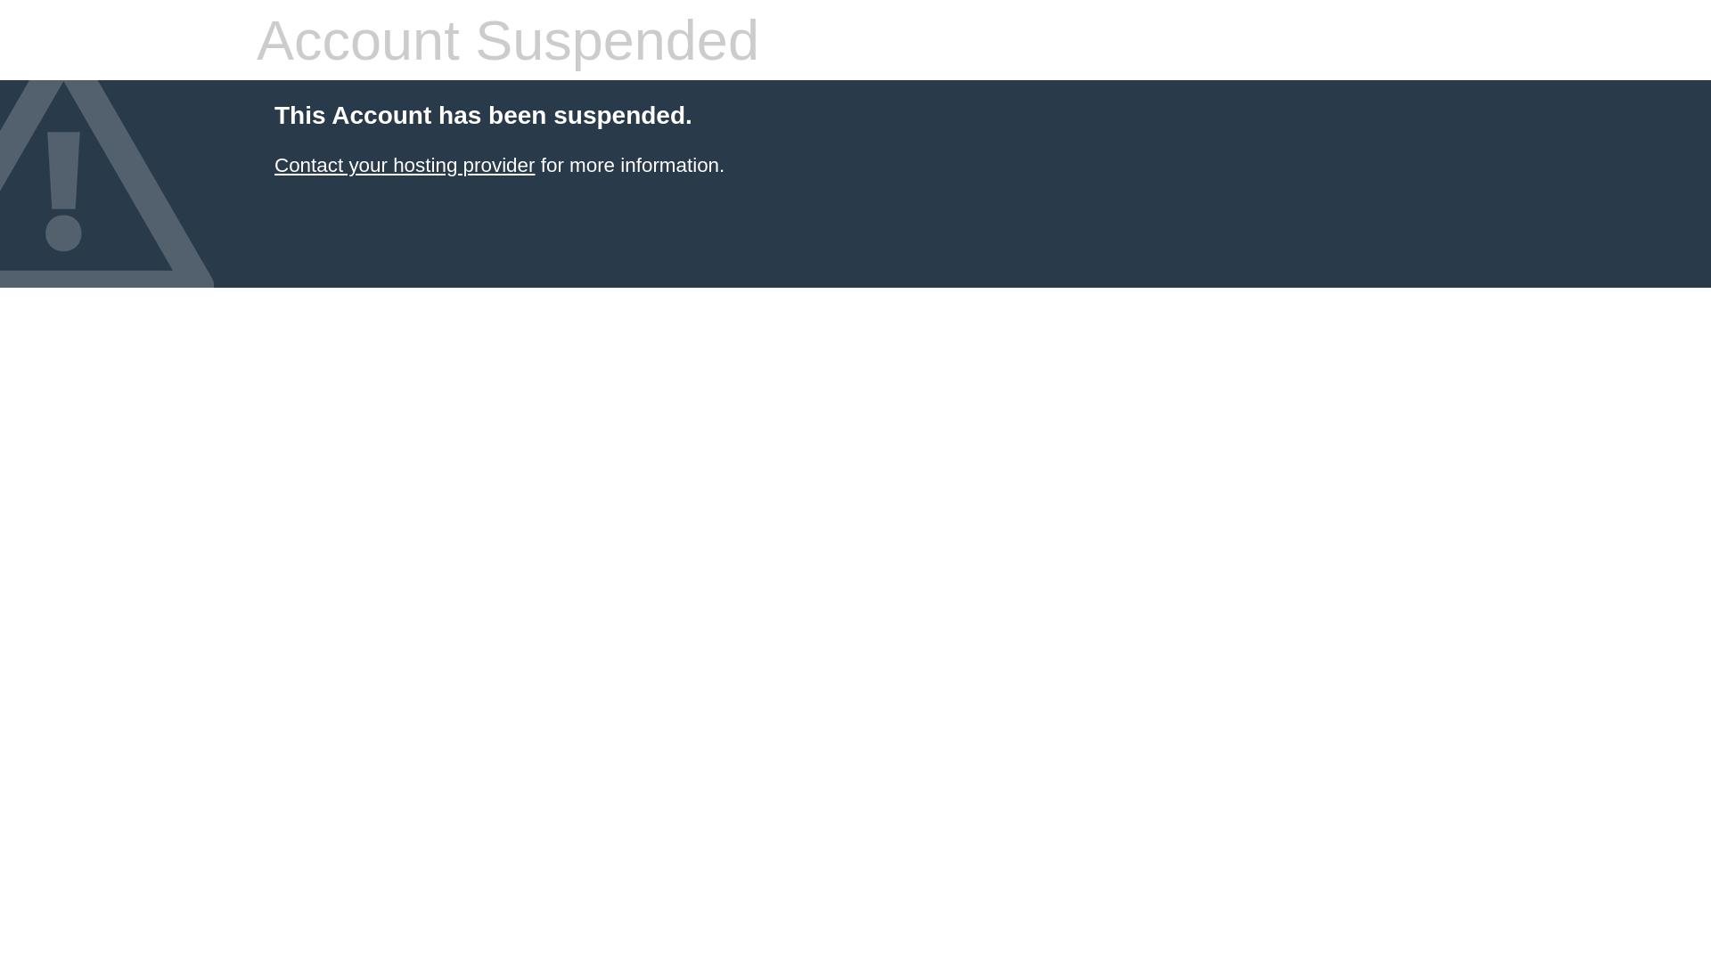 The image size is (1711, 962). Describe the element at coordinates (404, 165) in the screenshot. I see `'Contact your hosting provider'` at that location.